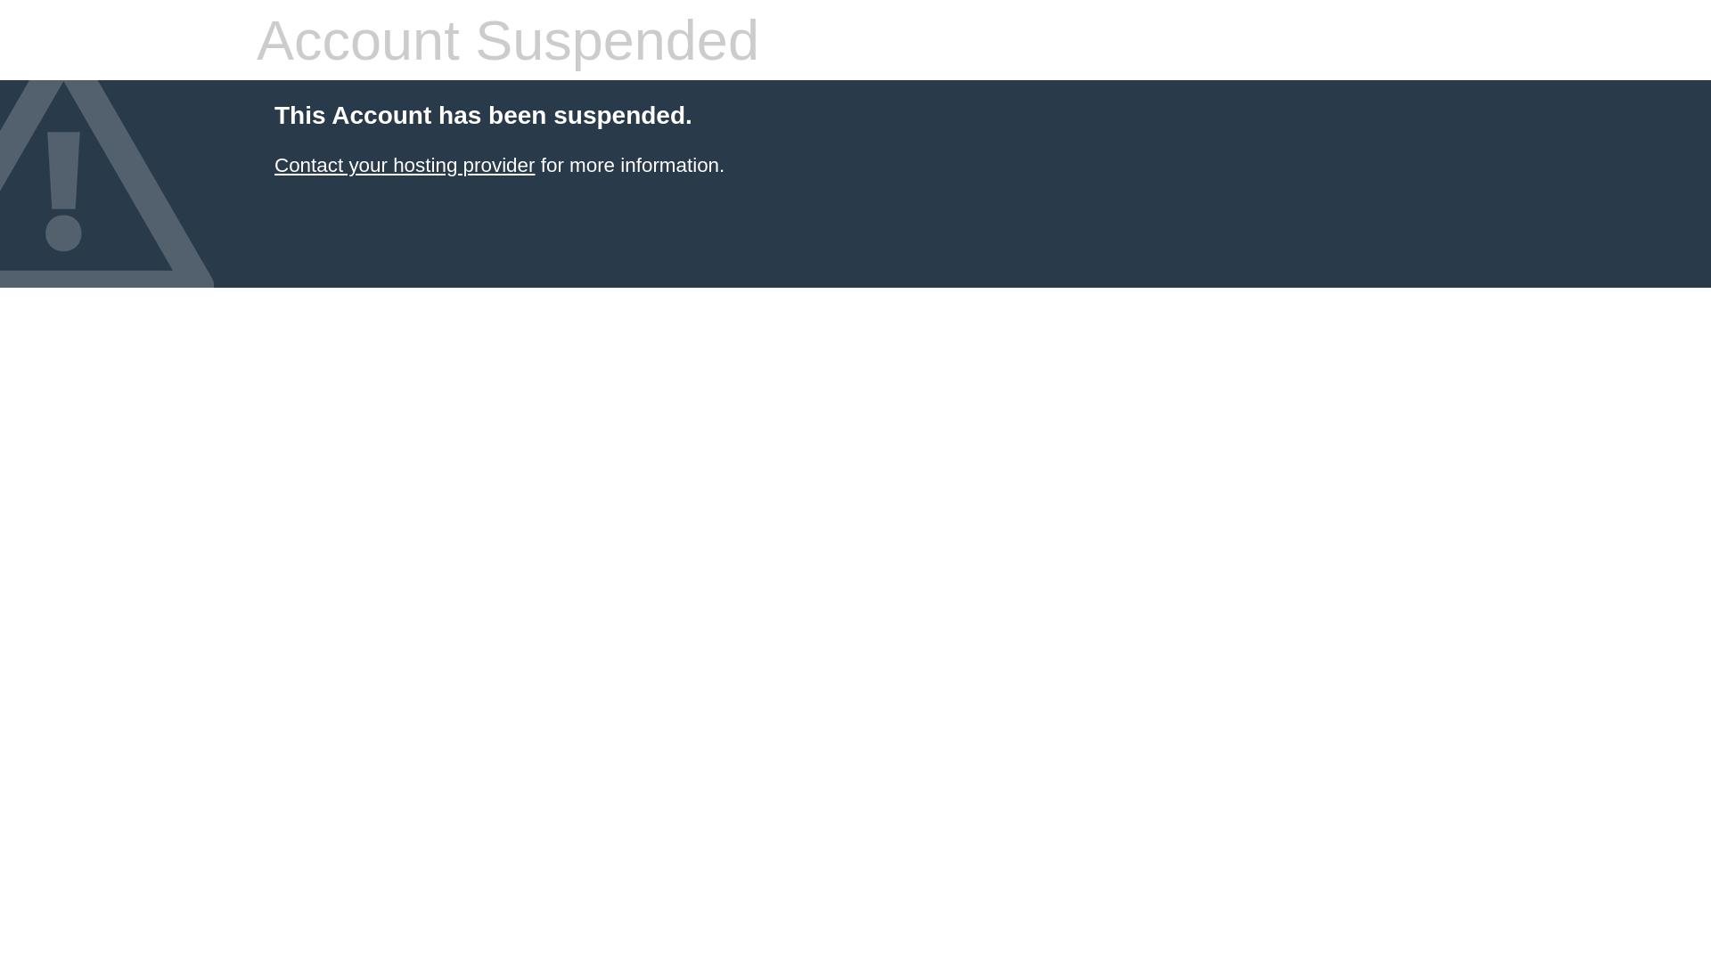 The image size is (1711, 962). Describe the element at coordinates (404, 165) in the screenshot. I see `'Contact your hosting provider'` at that location.